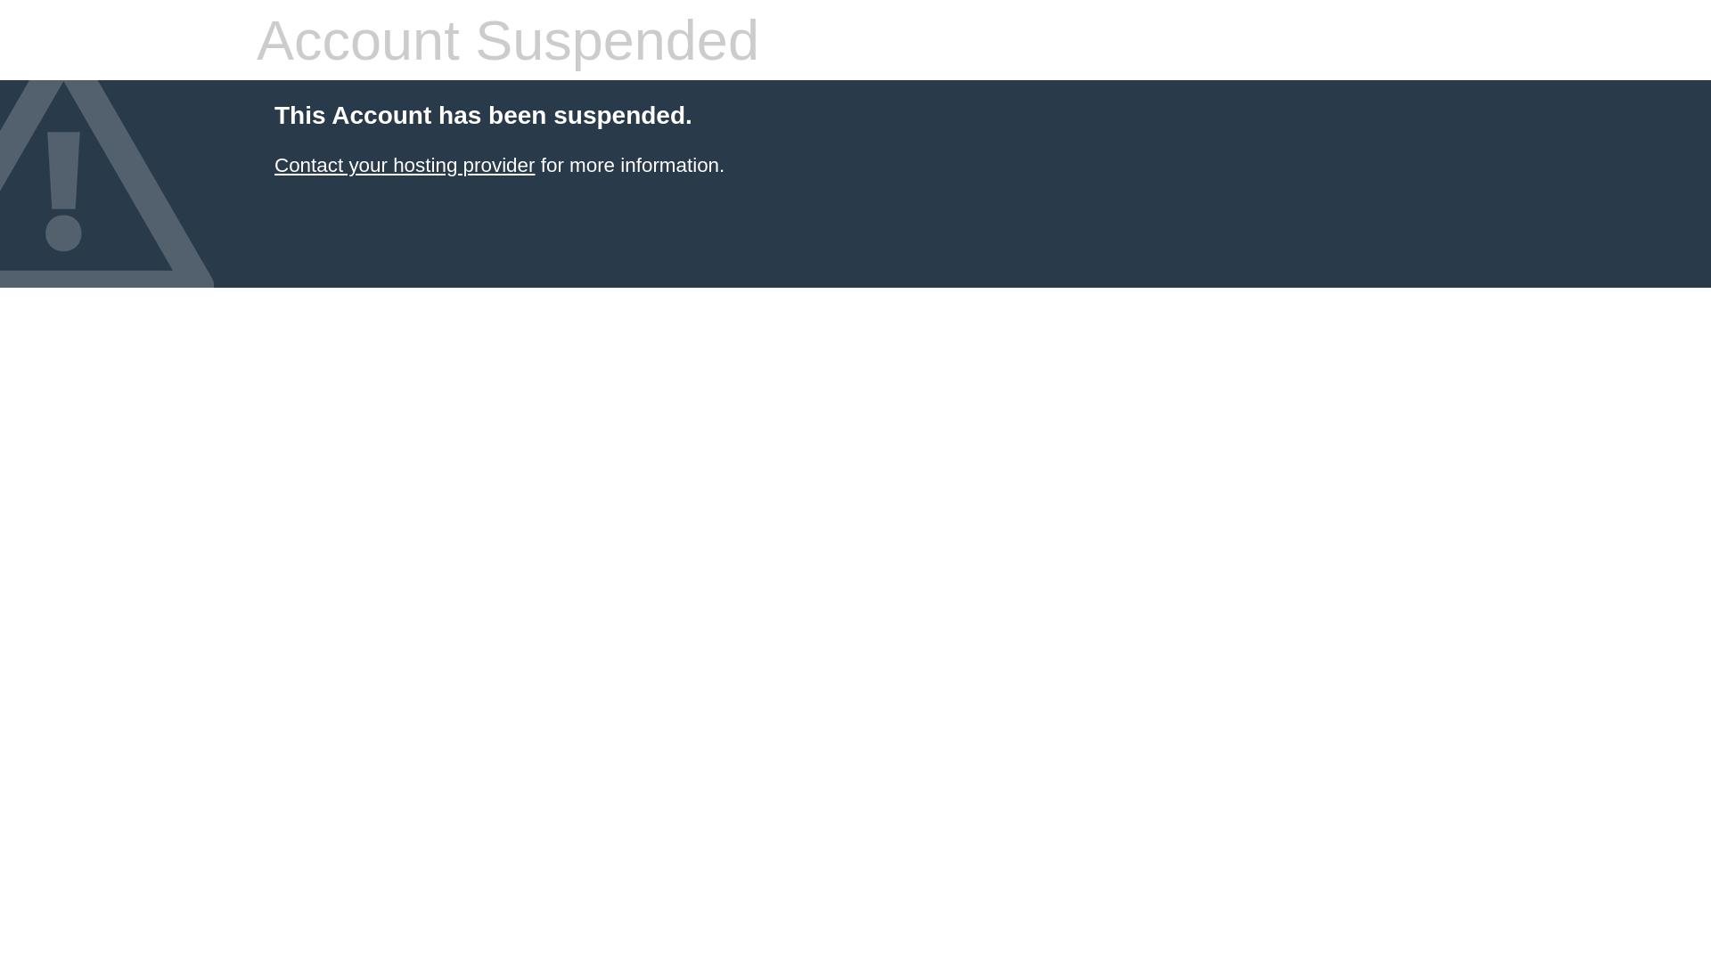 The image size is (1711, 962). Describe the element at coordinates (404, 165) in the screenshot. I see `'Contact your hosting provider'` at that location.